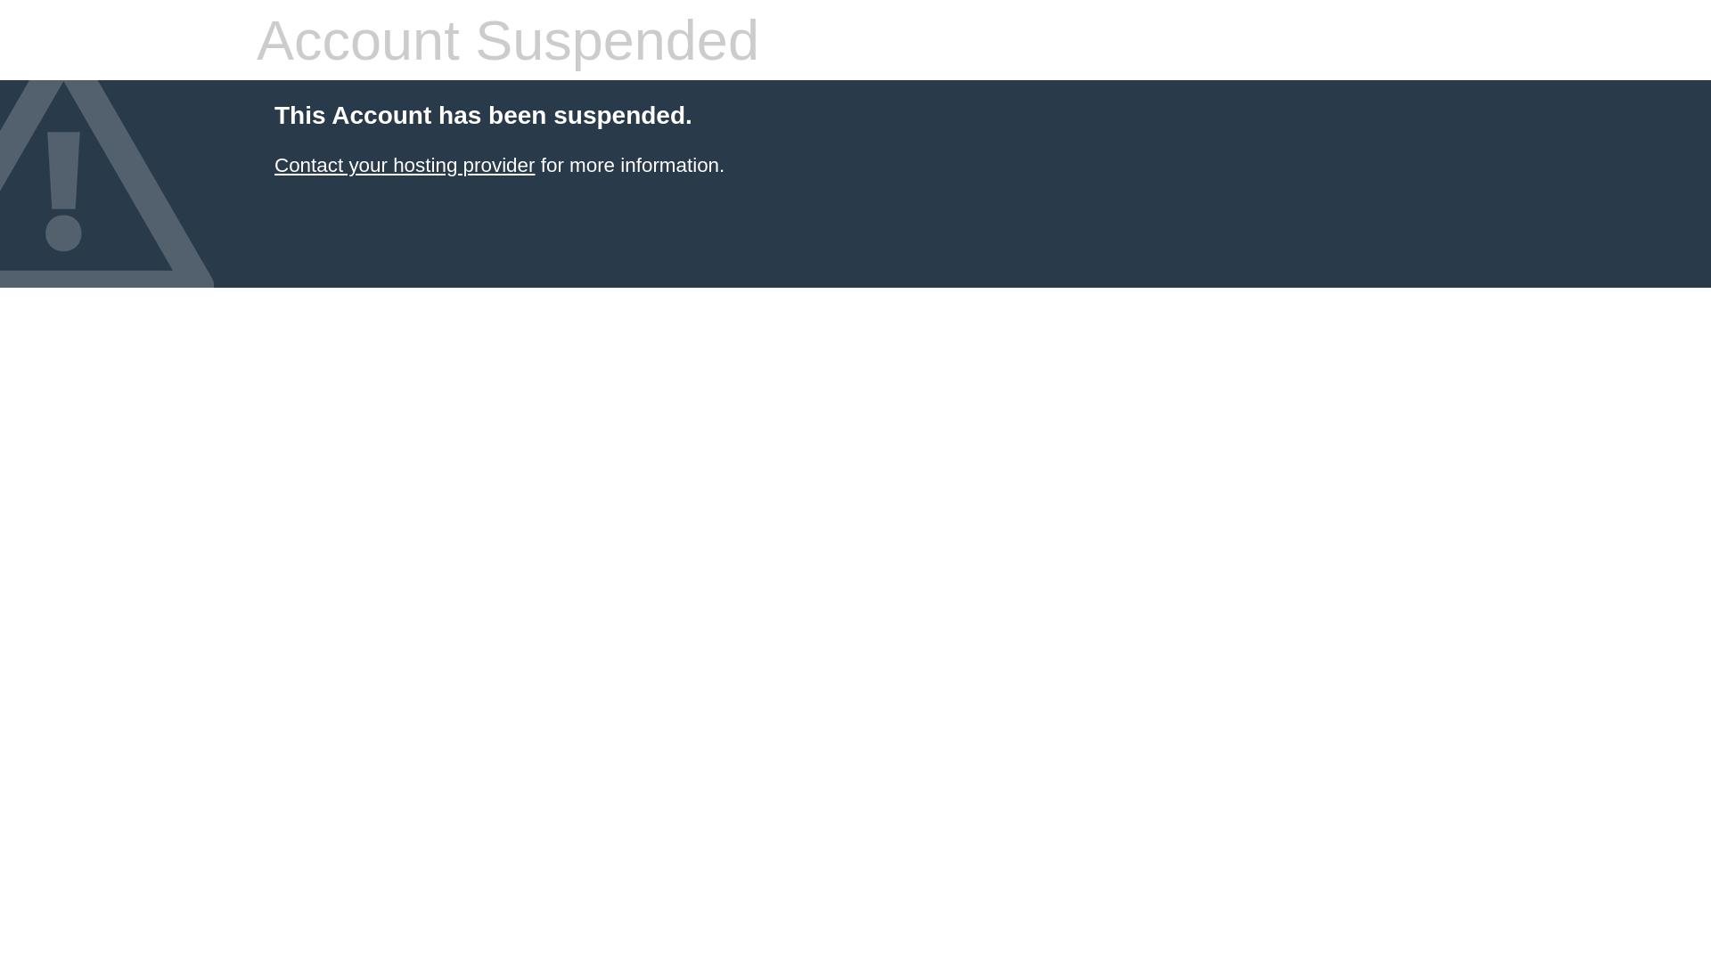 The image size is (1711, 962). Describe the element at coordinates (404, 165) in the screenshot. I see `'Contact your hosting provider'` at that location.